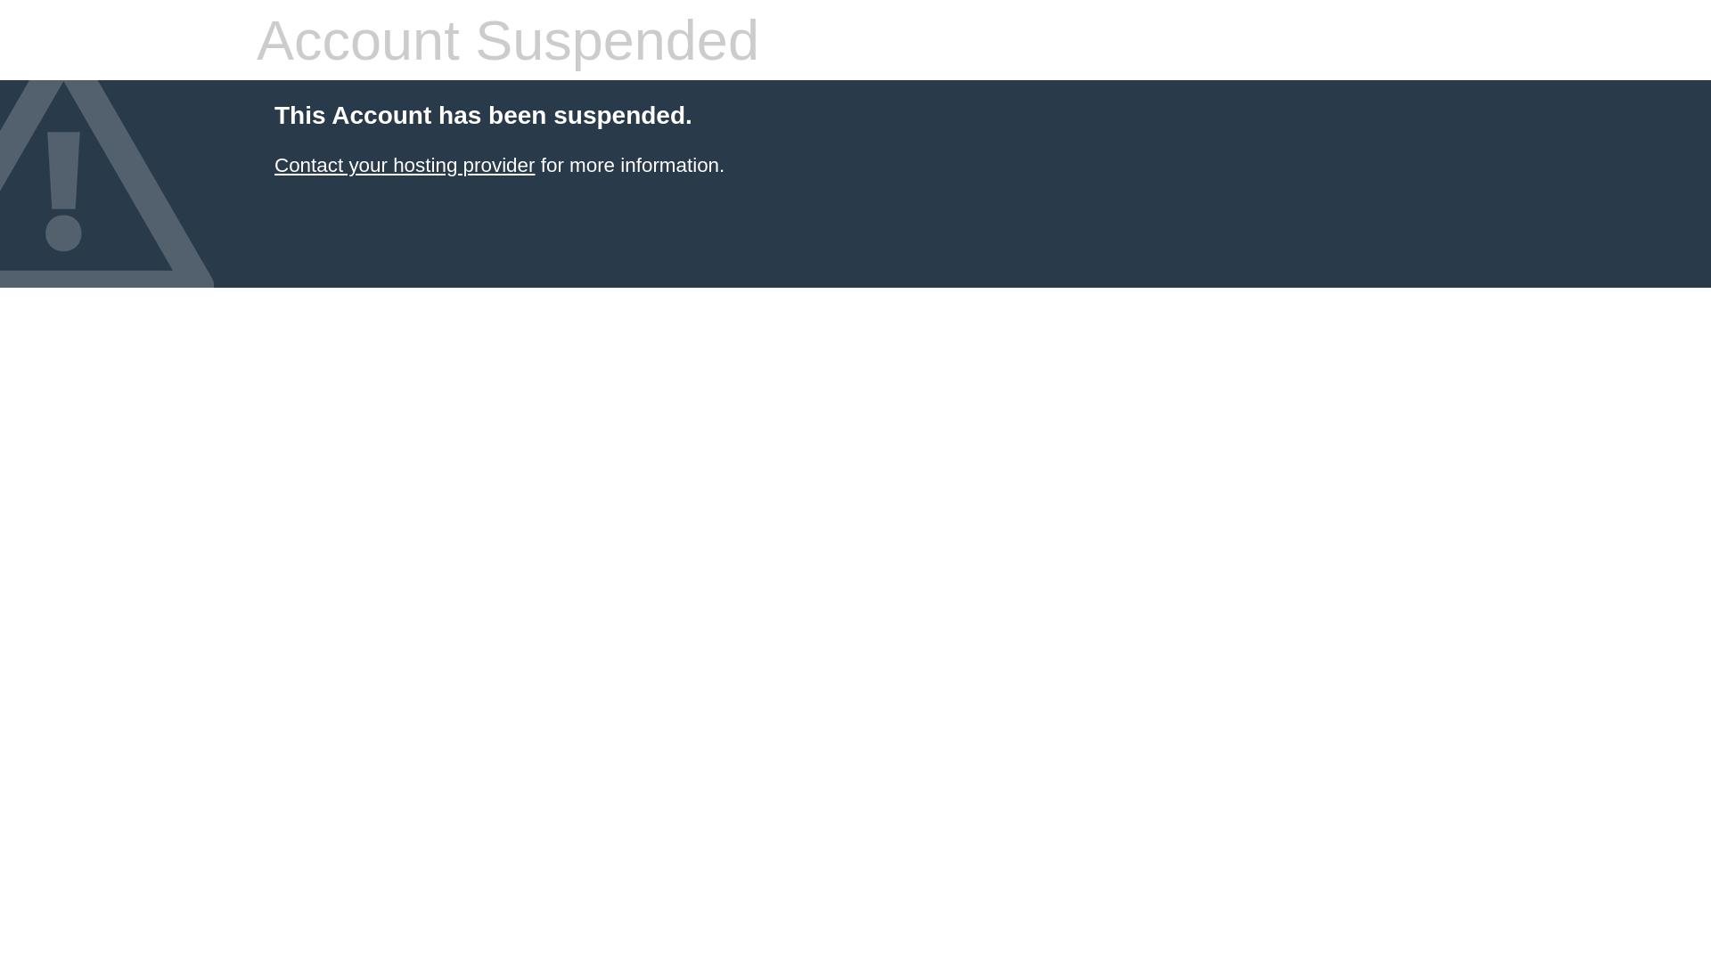 The image size is (1711, 962). Describe the element at coordinates (404, 165) in the screenshot. I see `'Contact your hosting provider'` at that location.